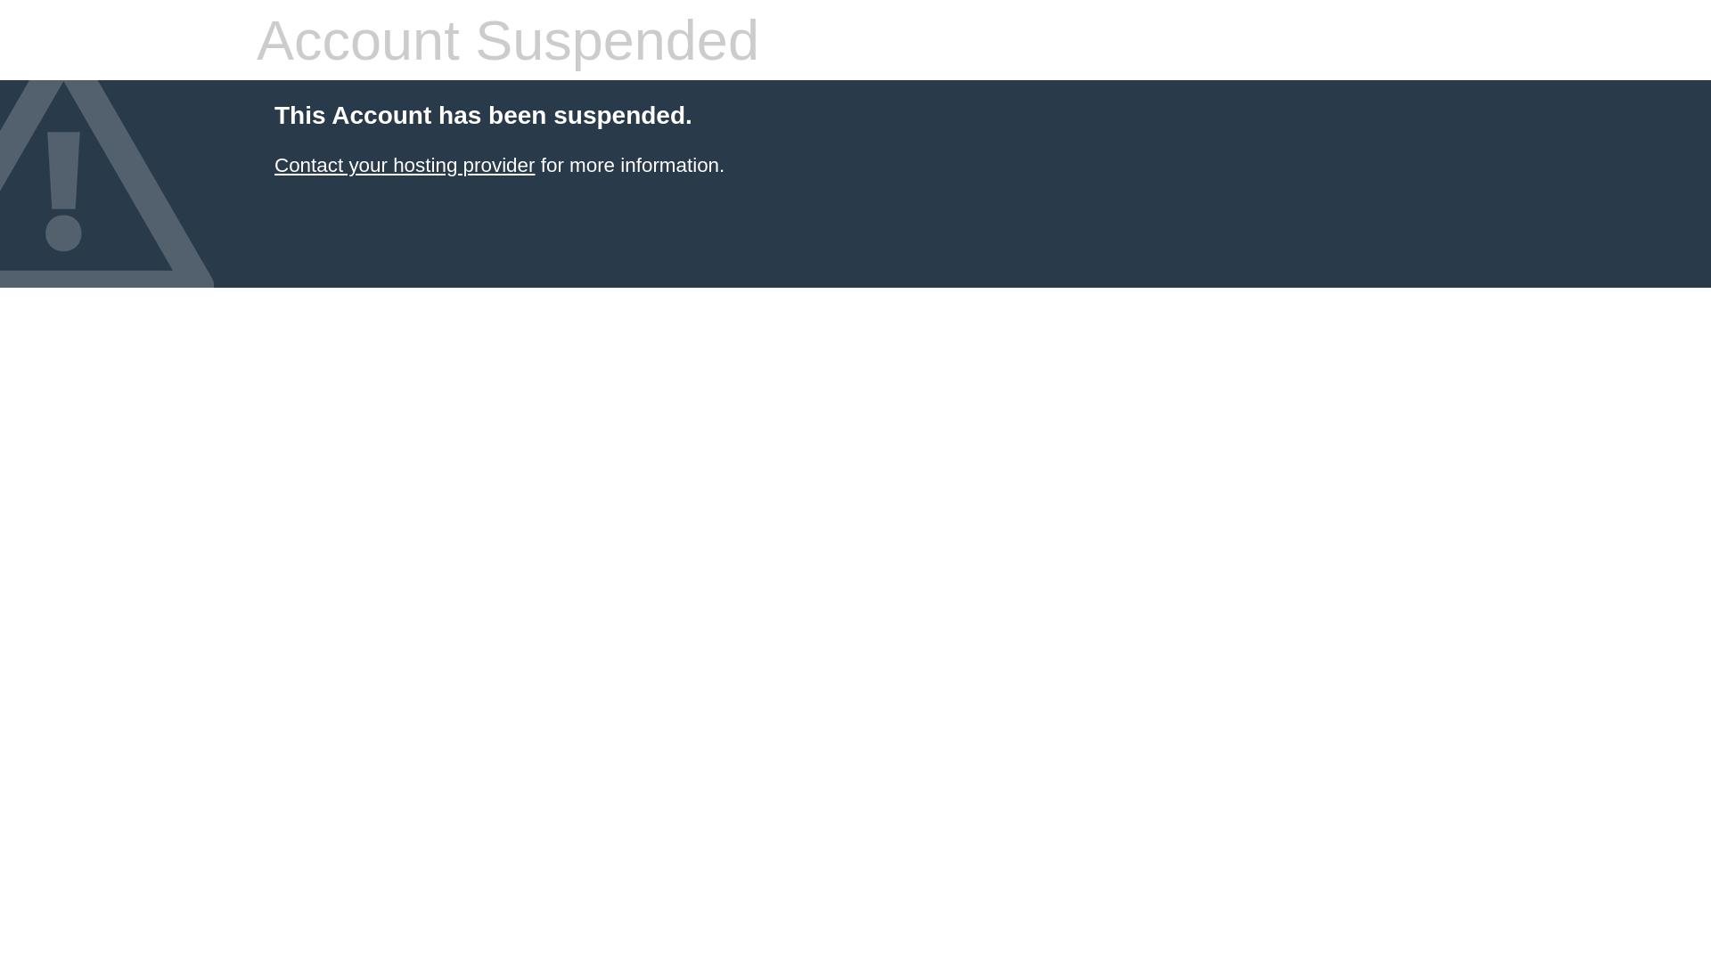 The image size is (1711, 962). Describe the element at coordinates (404, 165) in the screenshot. I see `'Contact your hosting provider'` at that location.